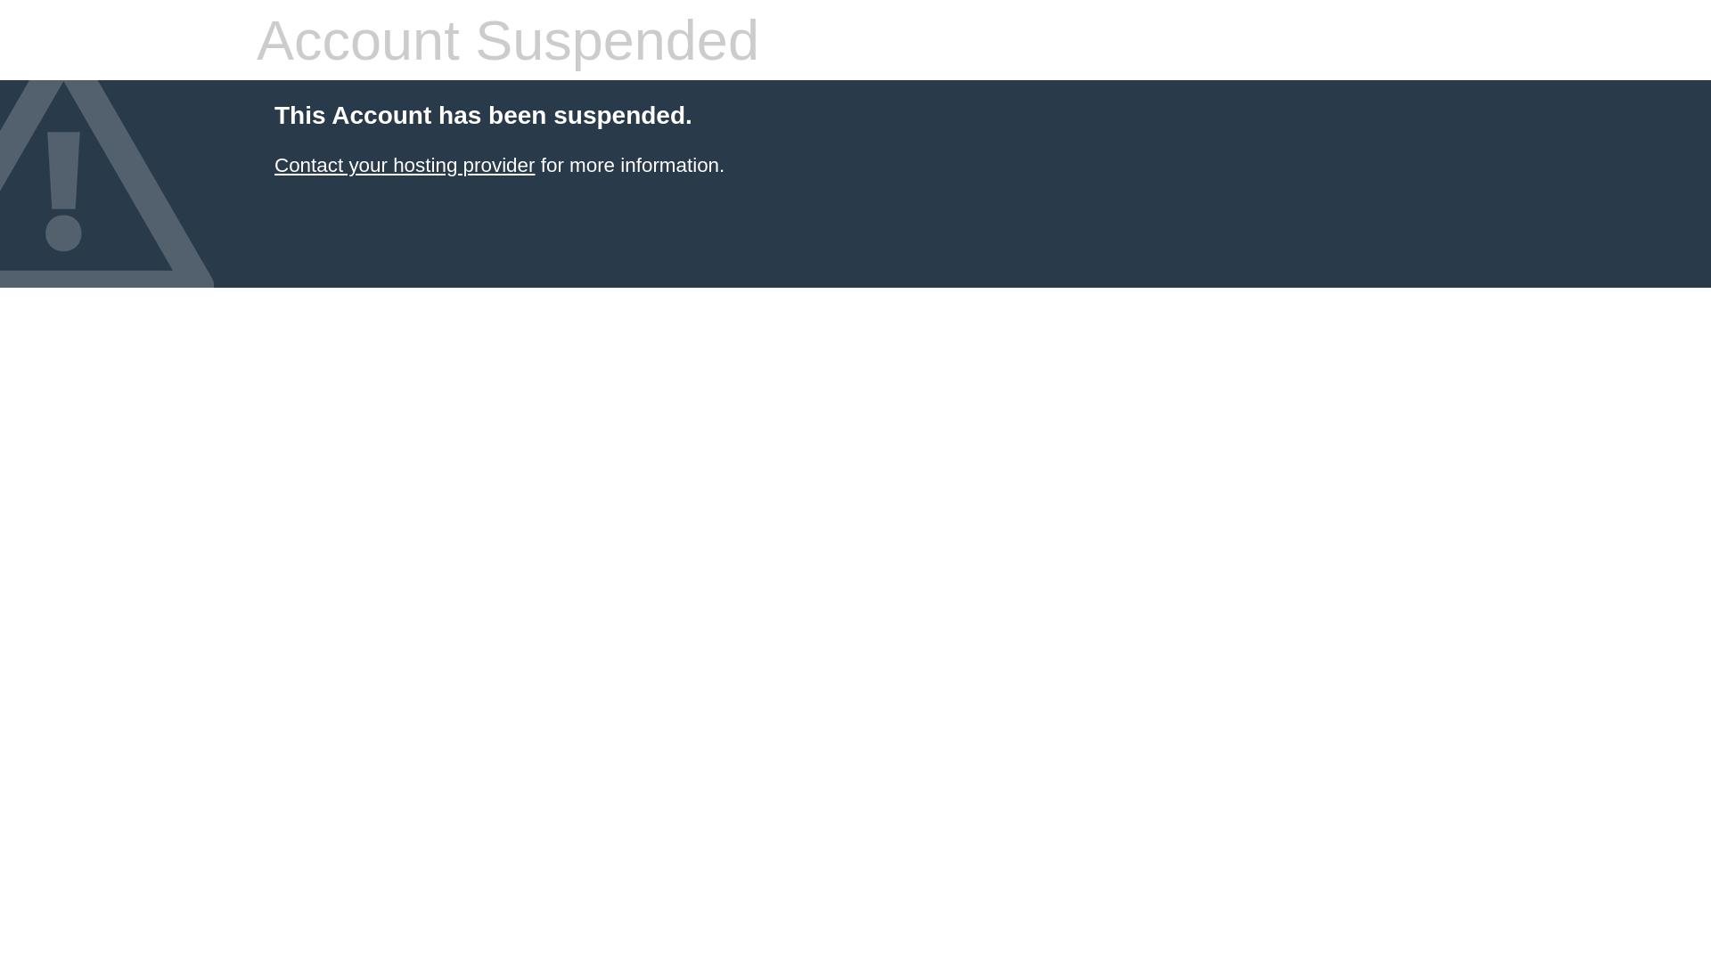 The image size is (1711, 962). Describe the element at coordinates (404, 165) in the screenshot. I see `'Contact your hosting provider'` at that location.